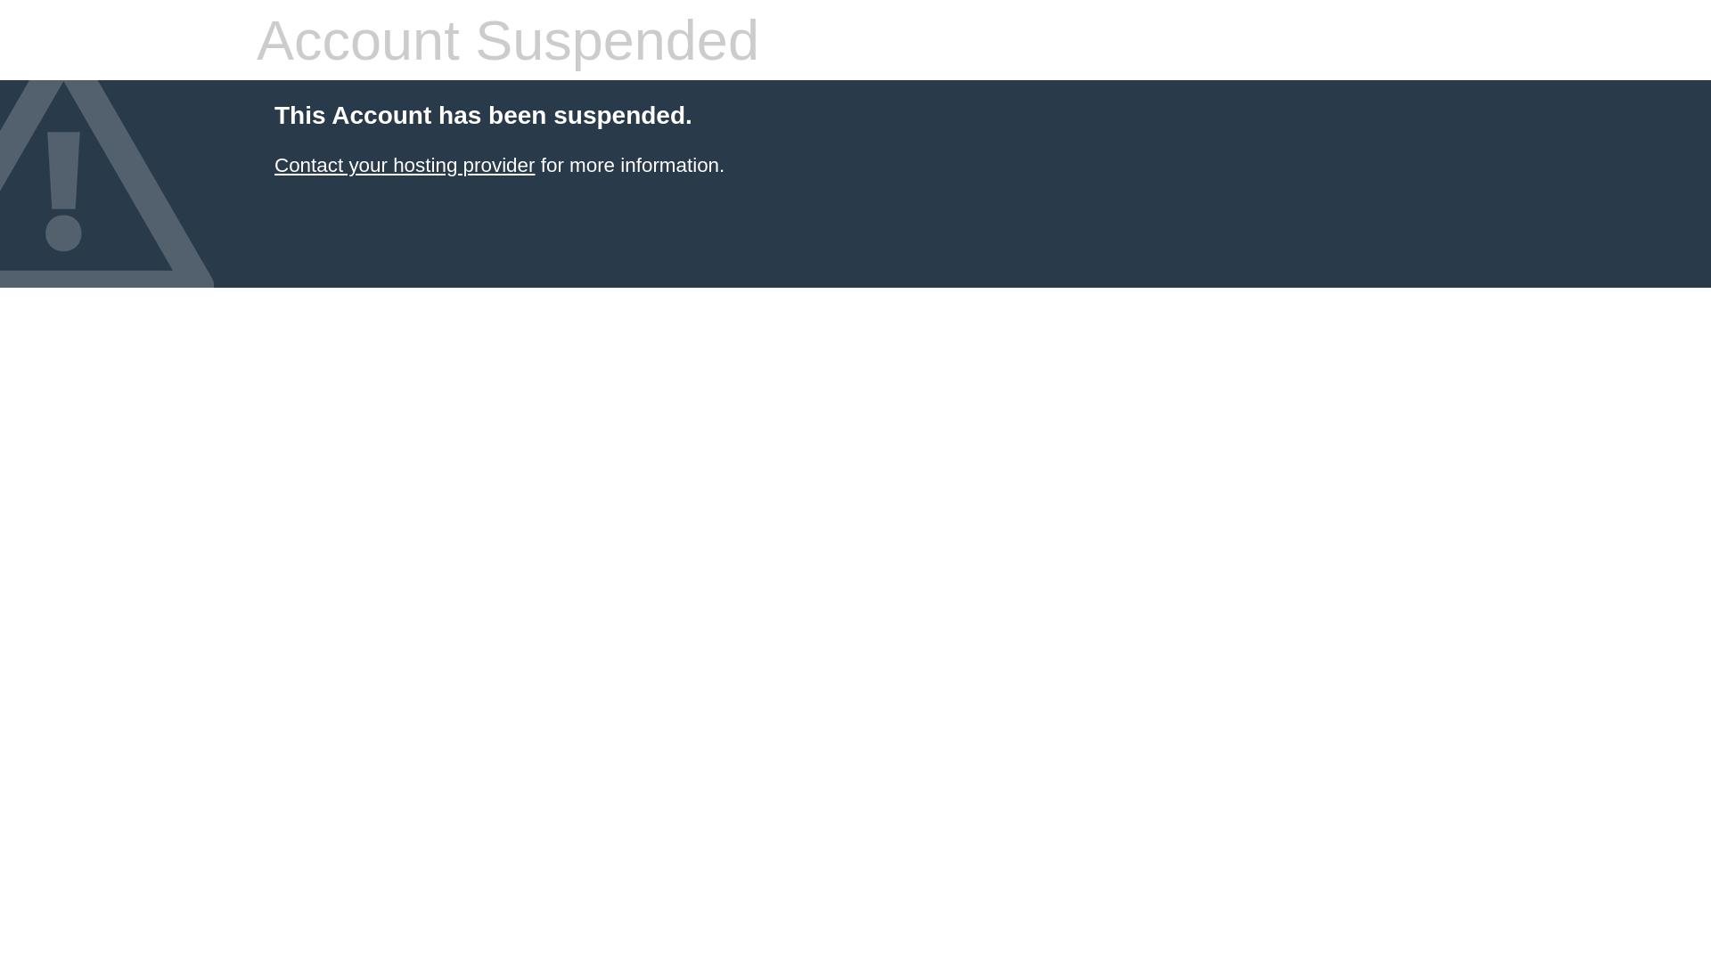 The image size is (1711, 962). Describe the element at coordinates (404, 165) in the screenshot. I see `'Contact your hosting provider'` at that location.